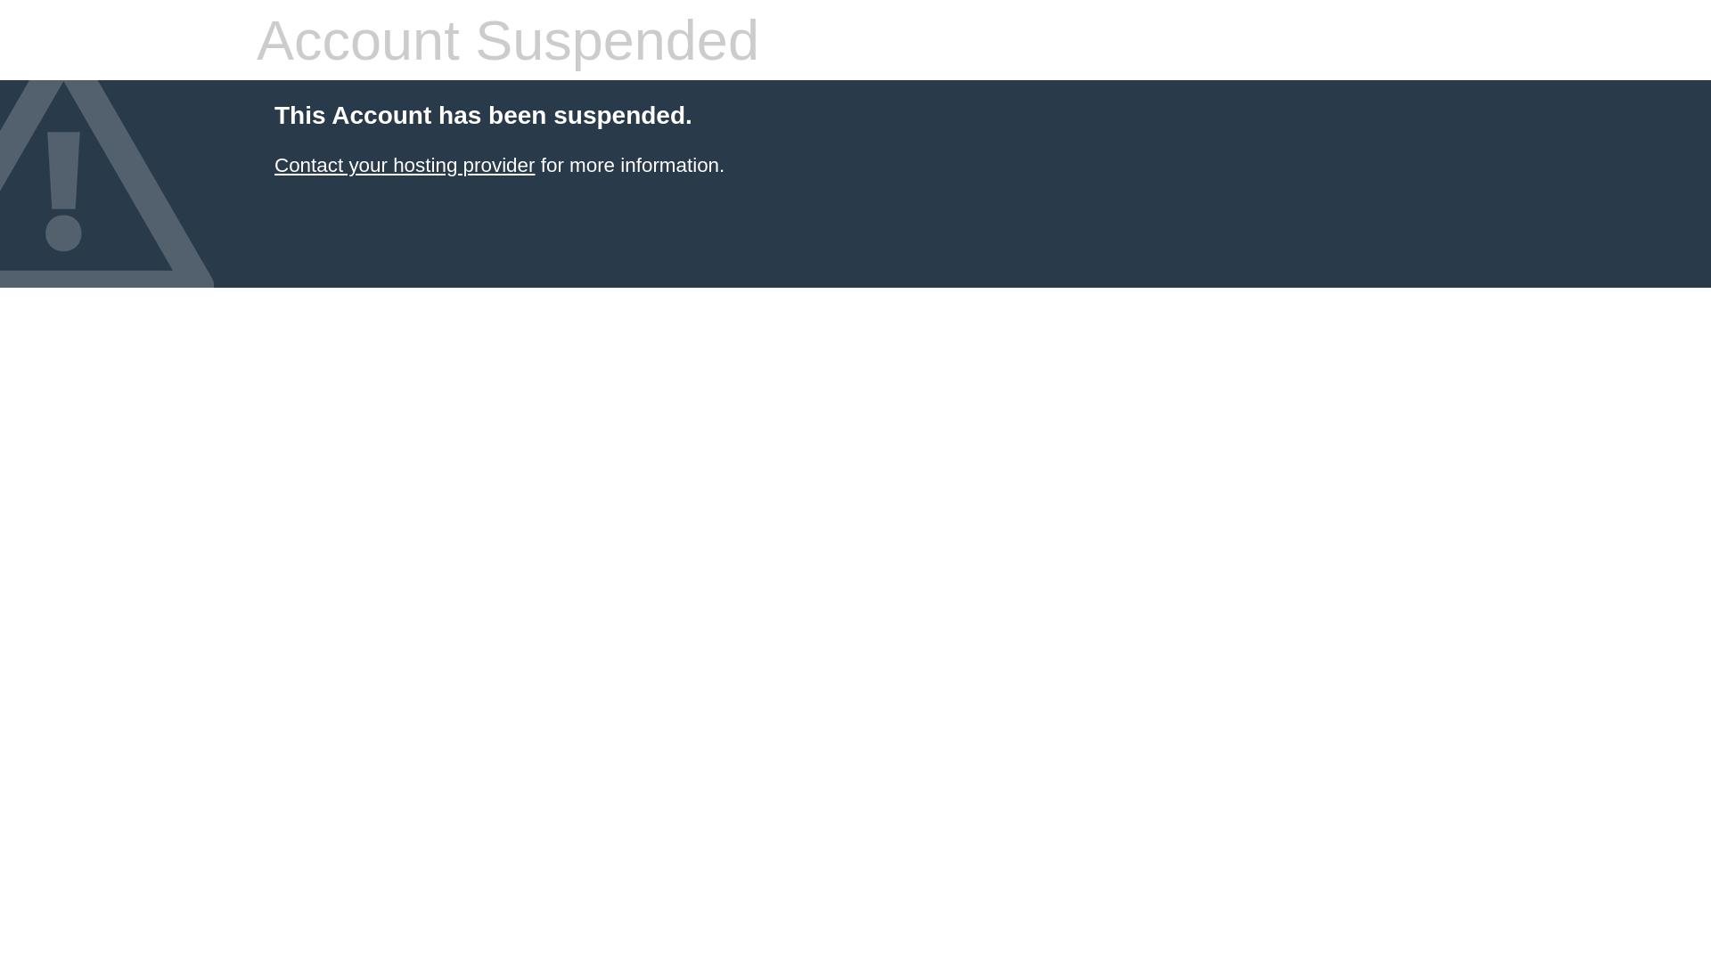 The image size is (1711, 962). Describe the element at coordinates (404, 165) in the screenshot. I see `'Contact your hosting provider'` at that location.